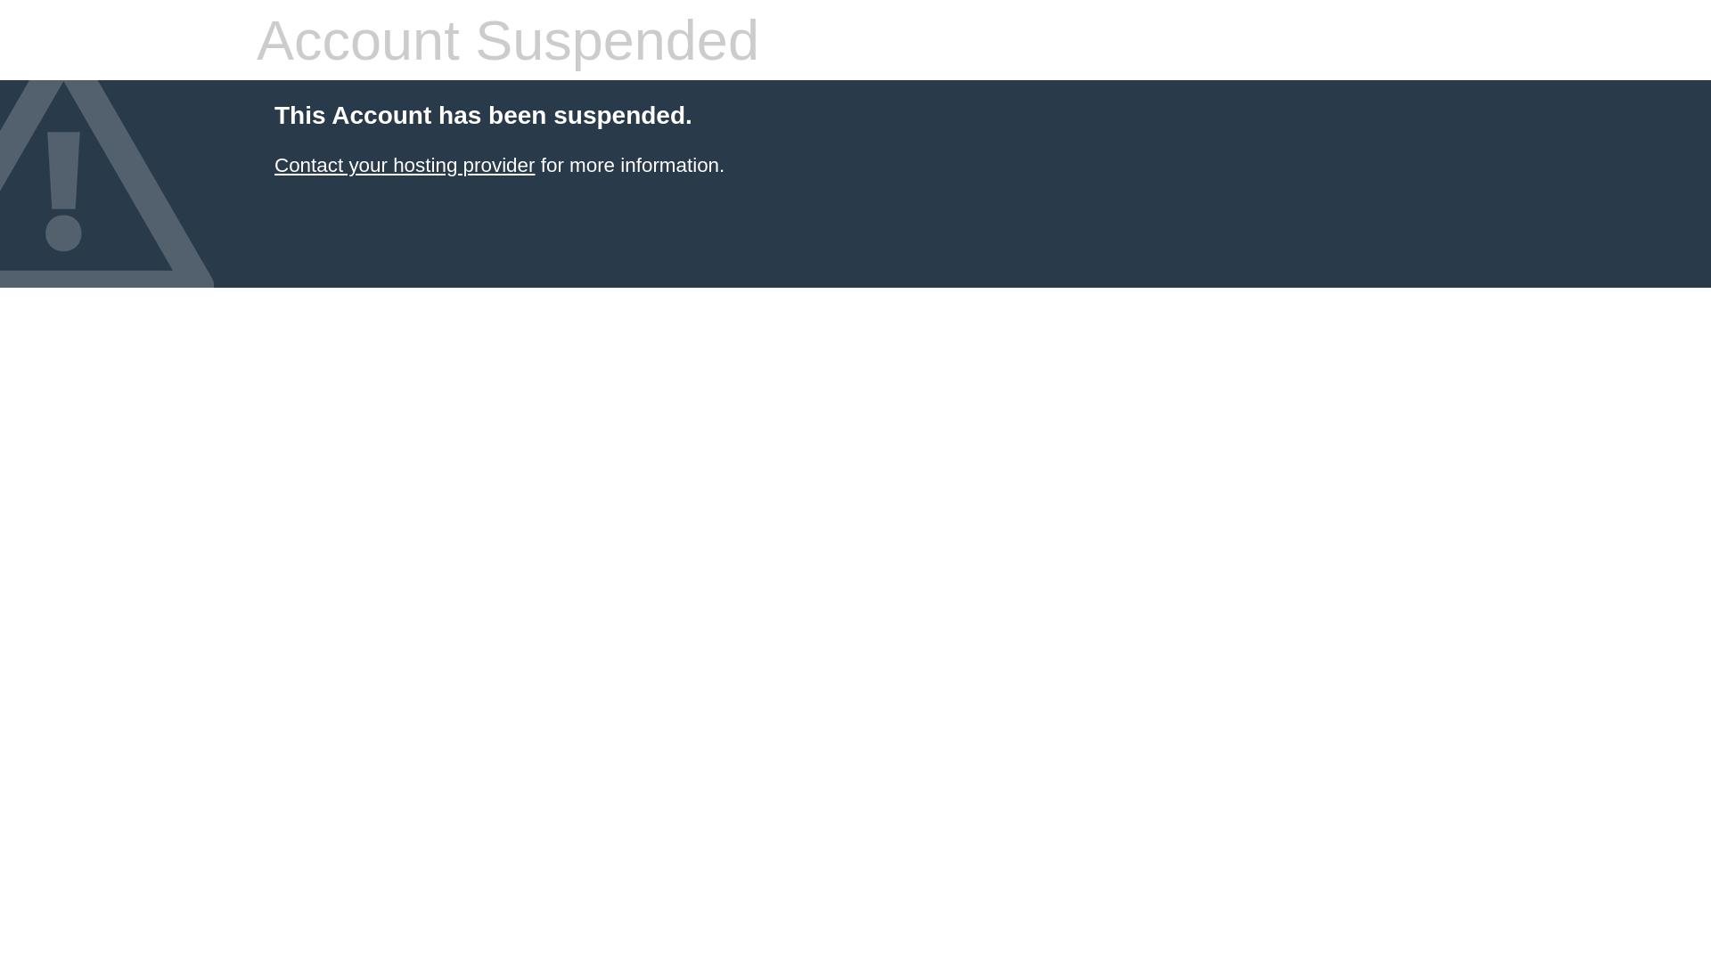 The image size is (1711, 962). Describe the element at coordinates (404, 165) in the screenshot. I see `'Contact your hosting provider'` at that location.